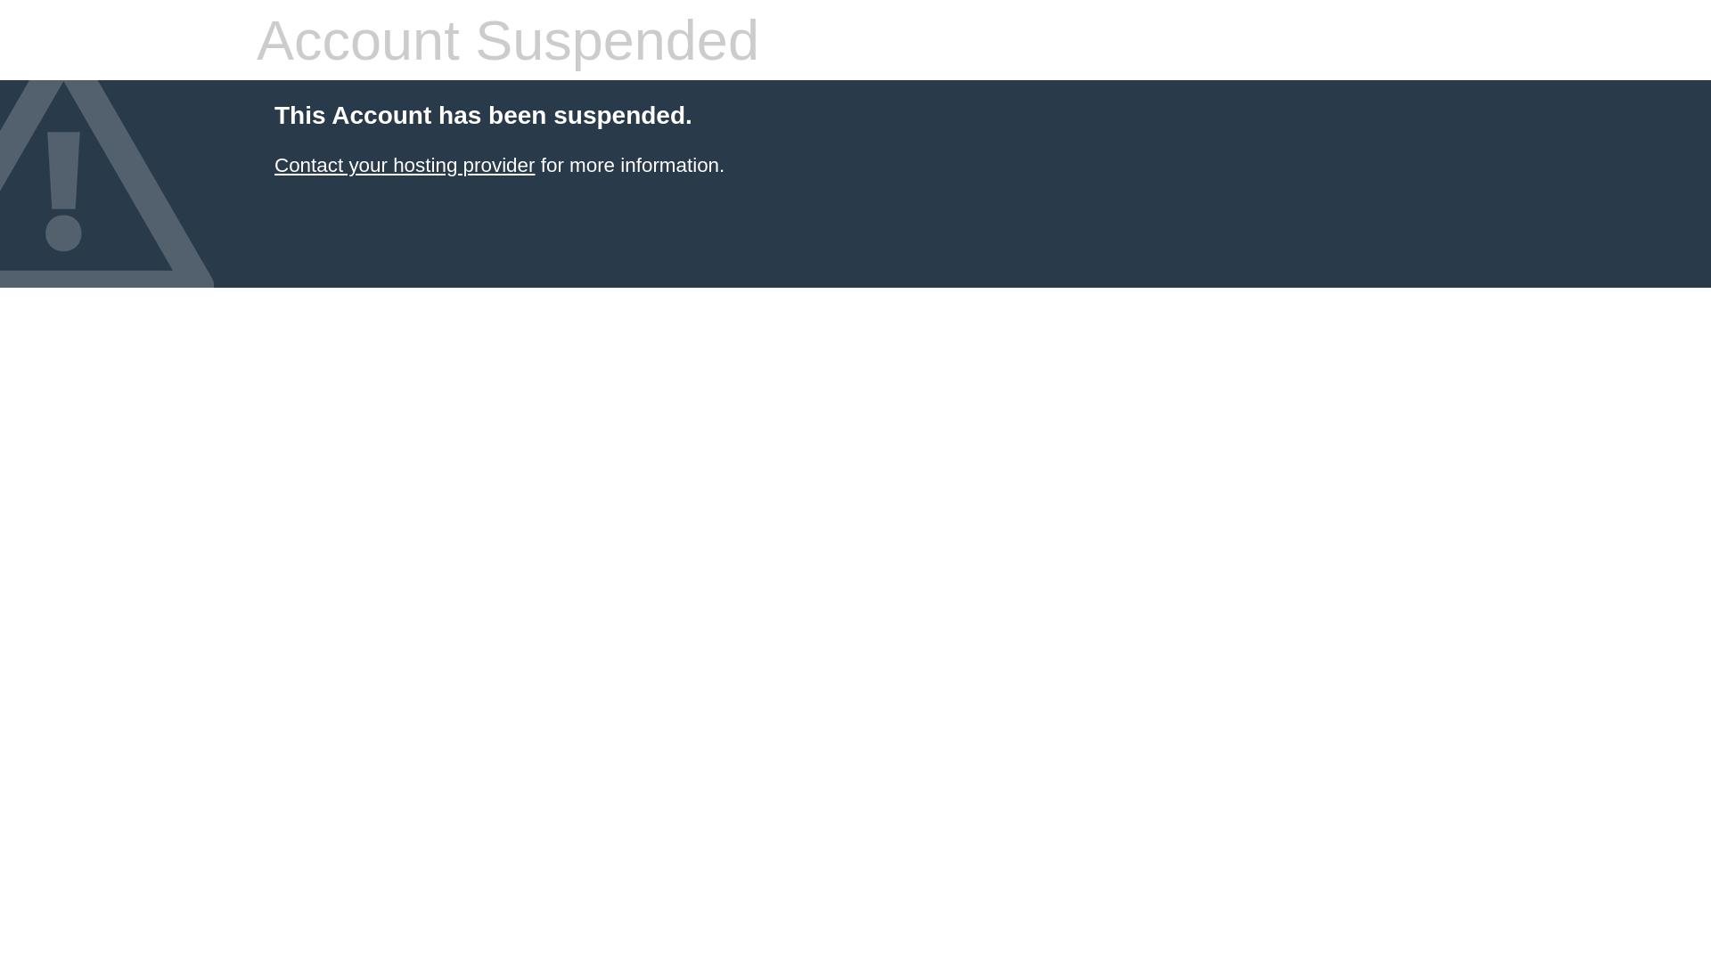 The image size is (1711, 962). Describe the element at coordinates (404, 165) in the screenshot. I see `'Contact your hosting provider'` at that location.